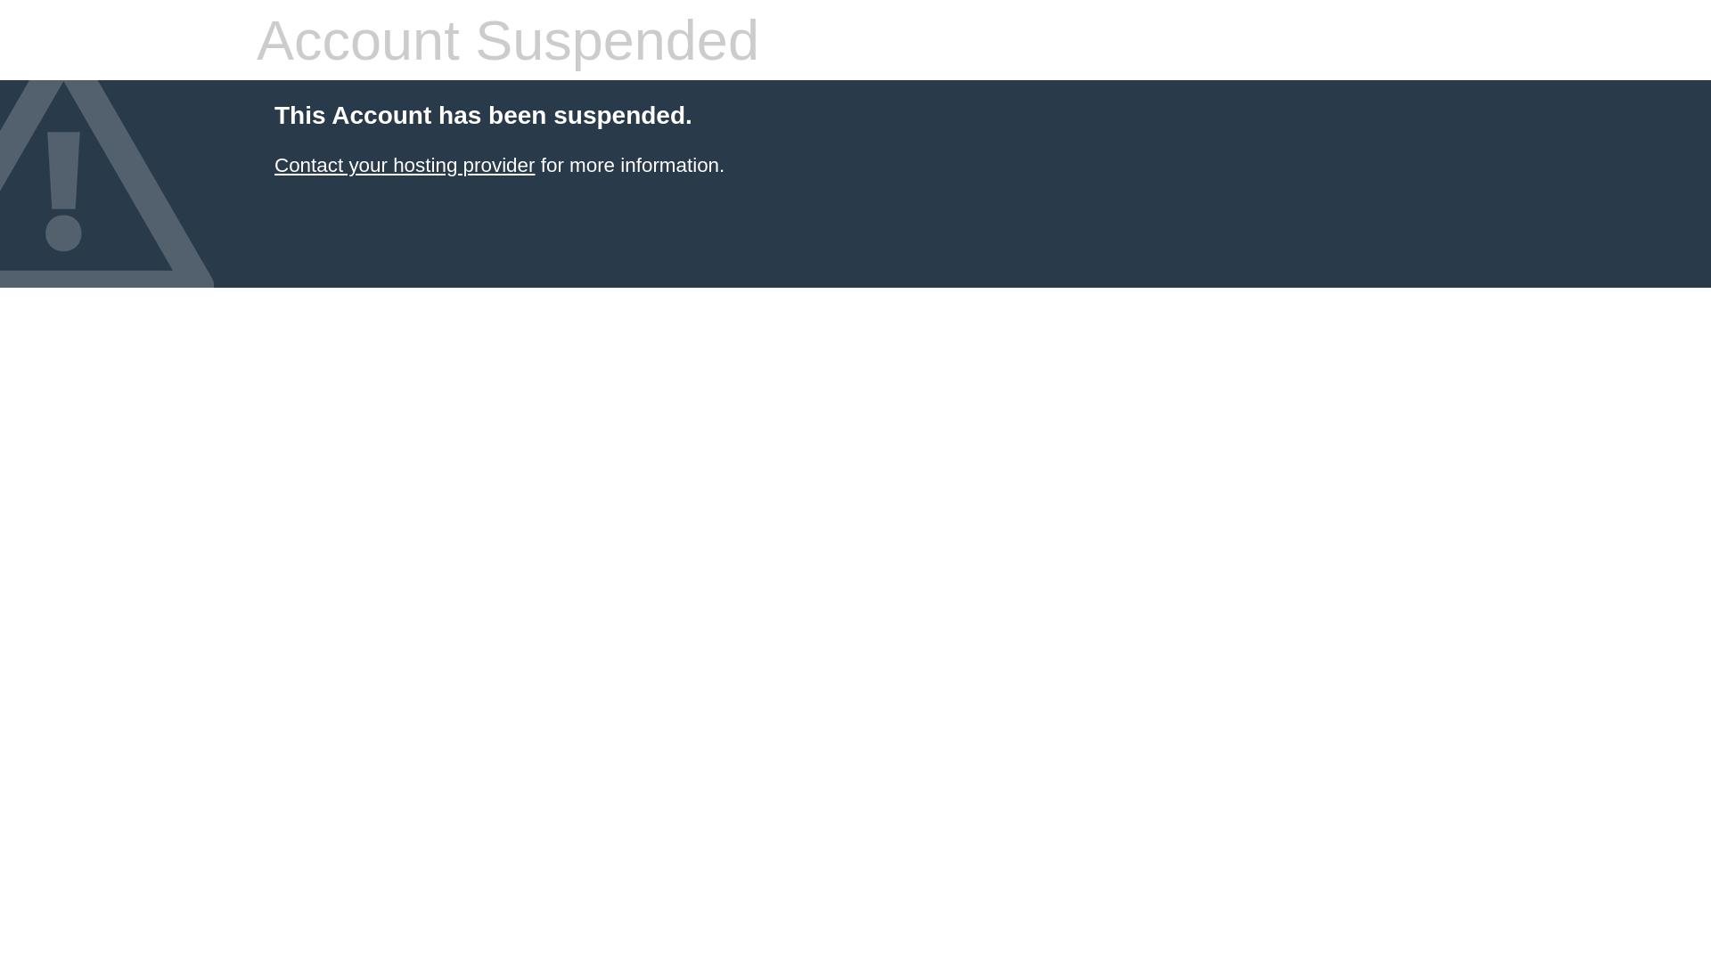 The image size is (1711, 962). Describe the element at coordinates (404, 165) in the screenshot. I see `'Contact your hosting provider'` at that location.